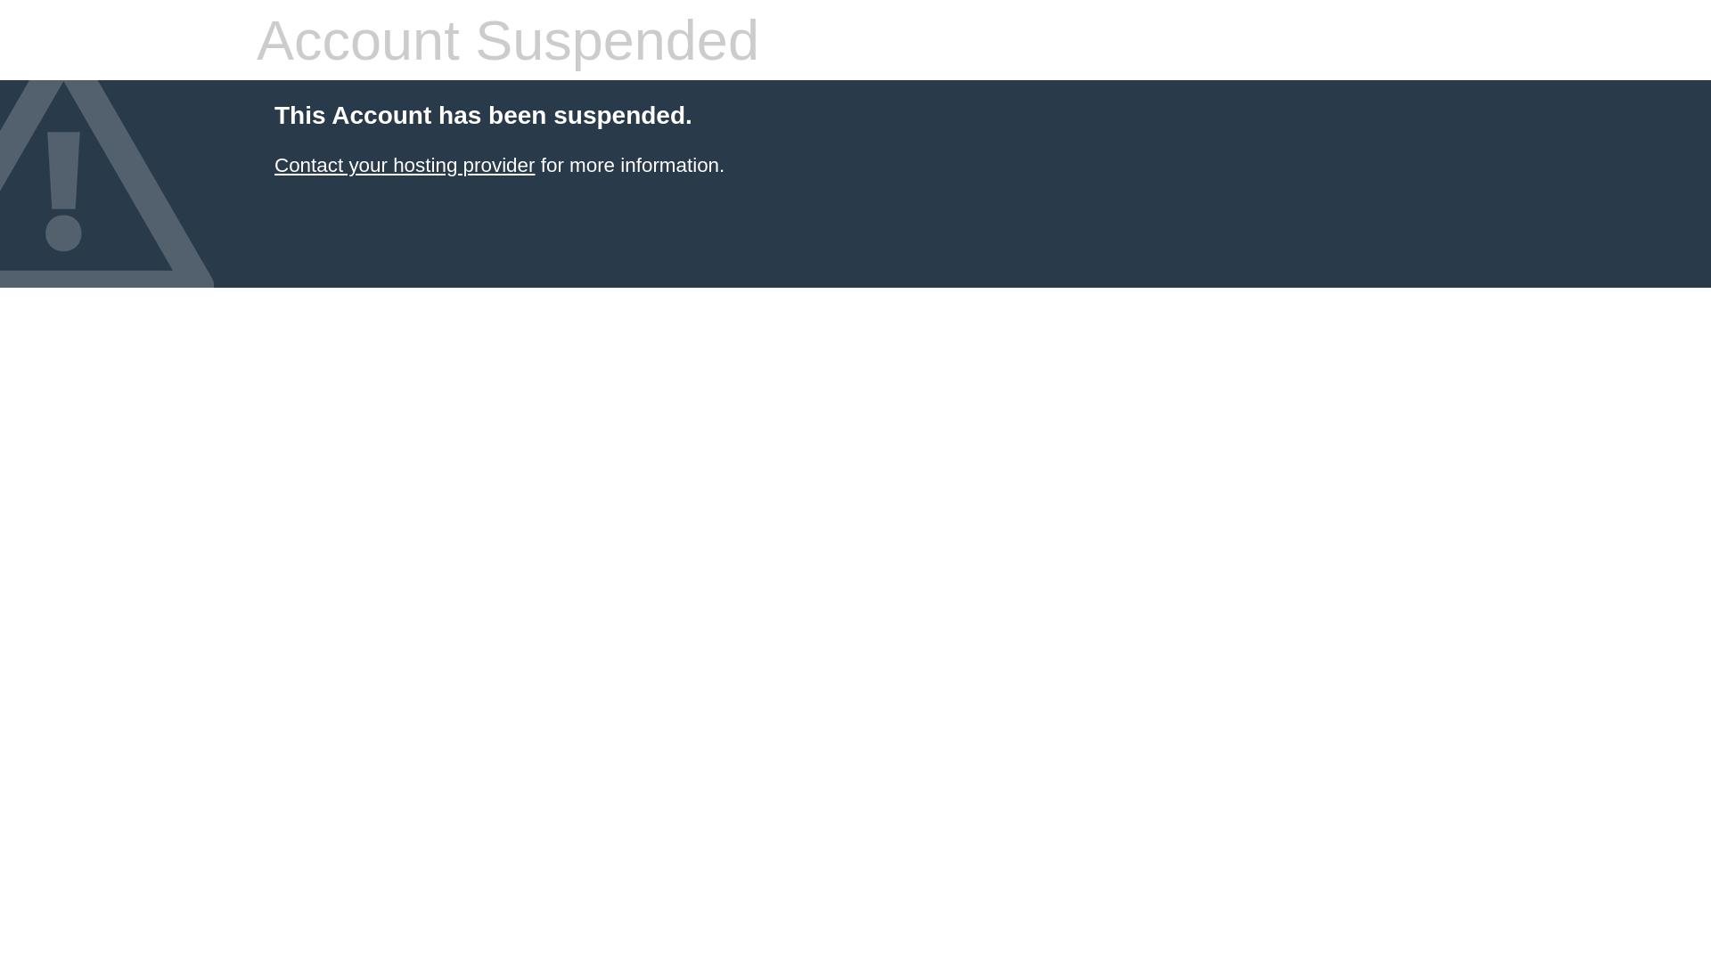 The image size is (1711, 962). Describe the element at coordinates (404, 165) in the screenshot. I see `'Contact your hosting provider'` at that location.